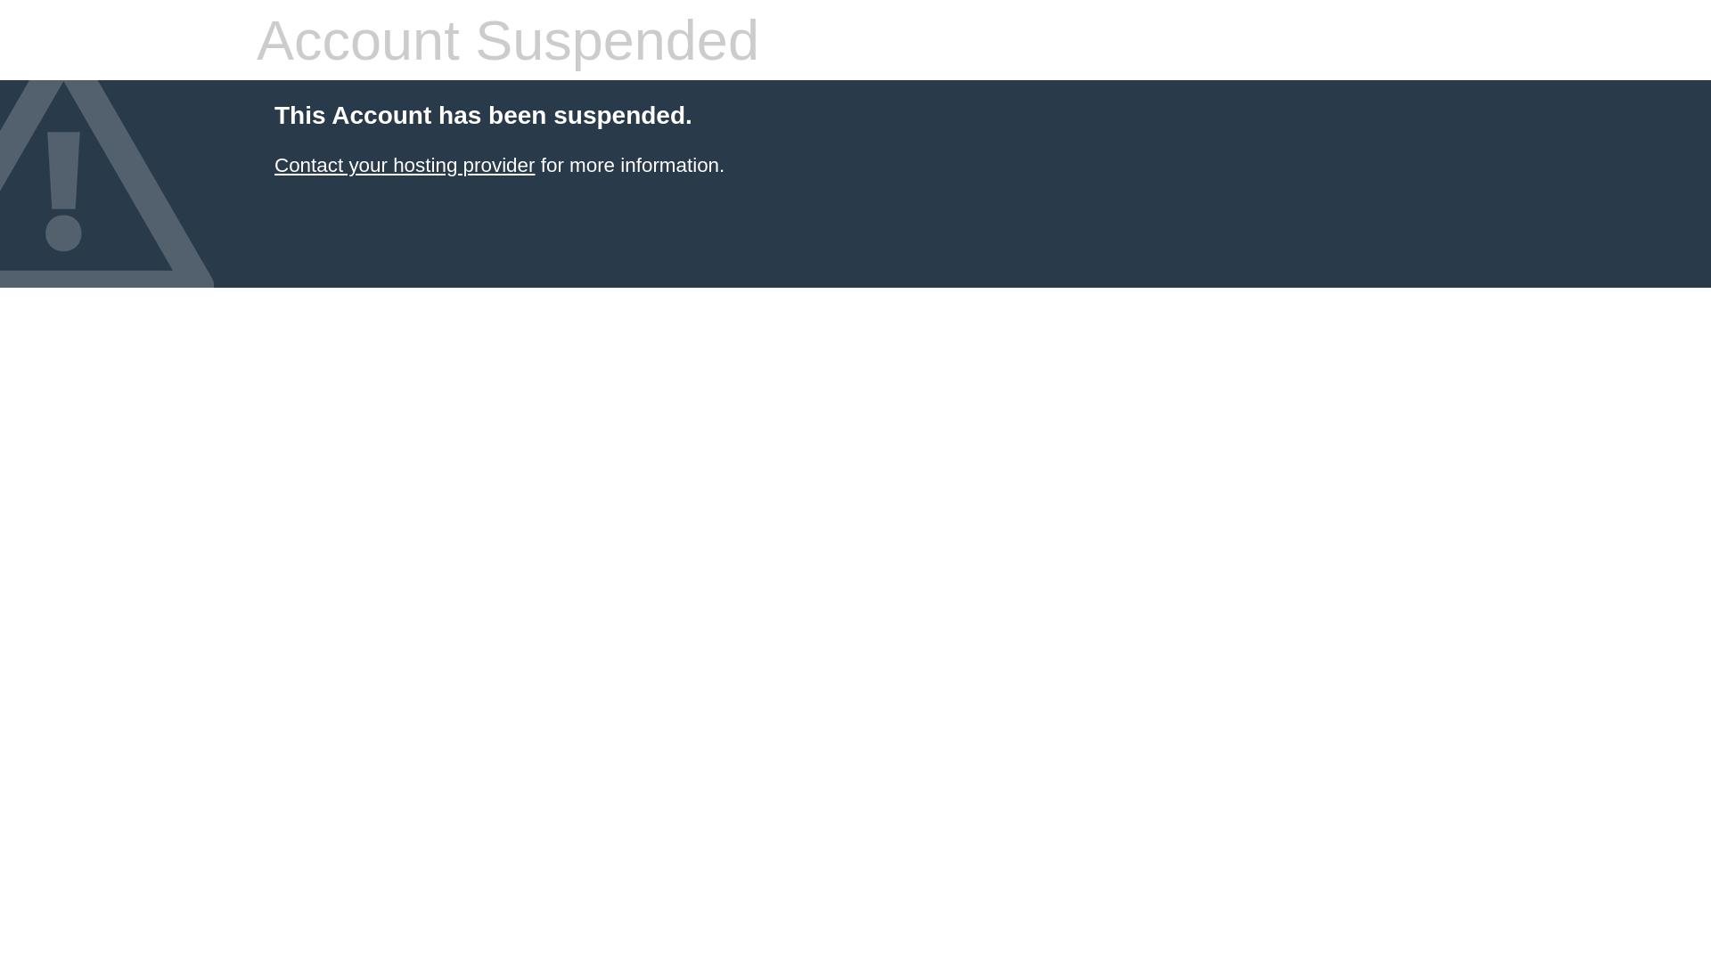 The image size is (1711, 962). Describe the element at coordinates (404, 165) in the screenshot. I see `'Contact your hosting provider'` at that location.